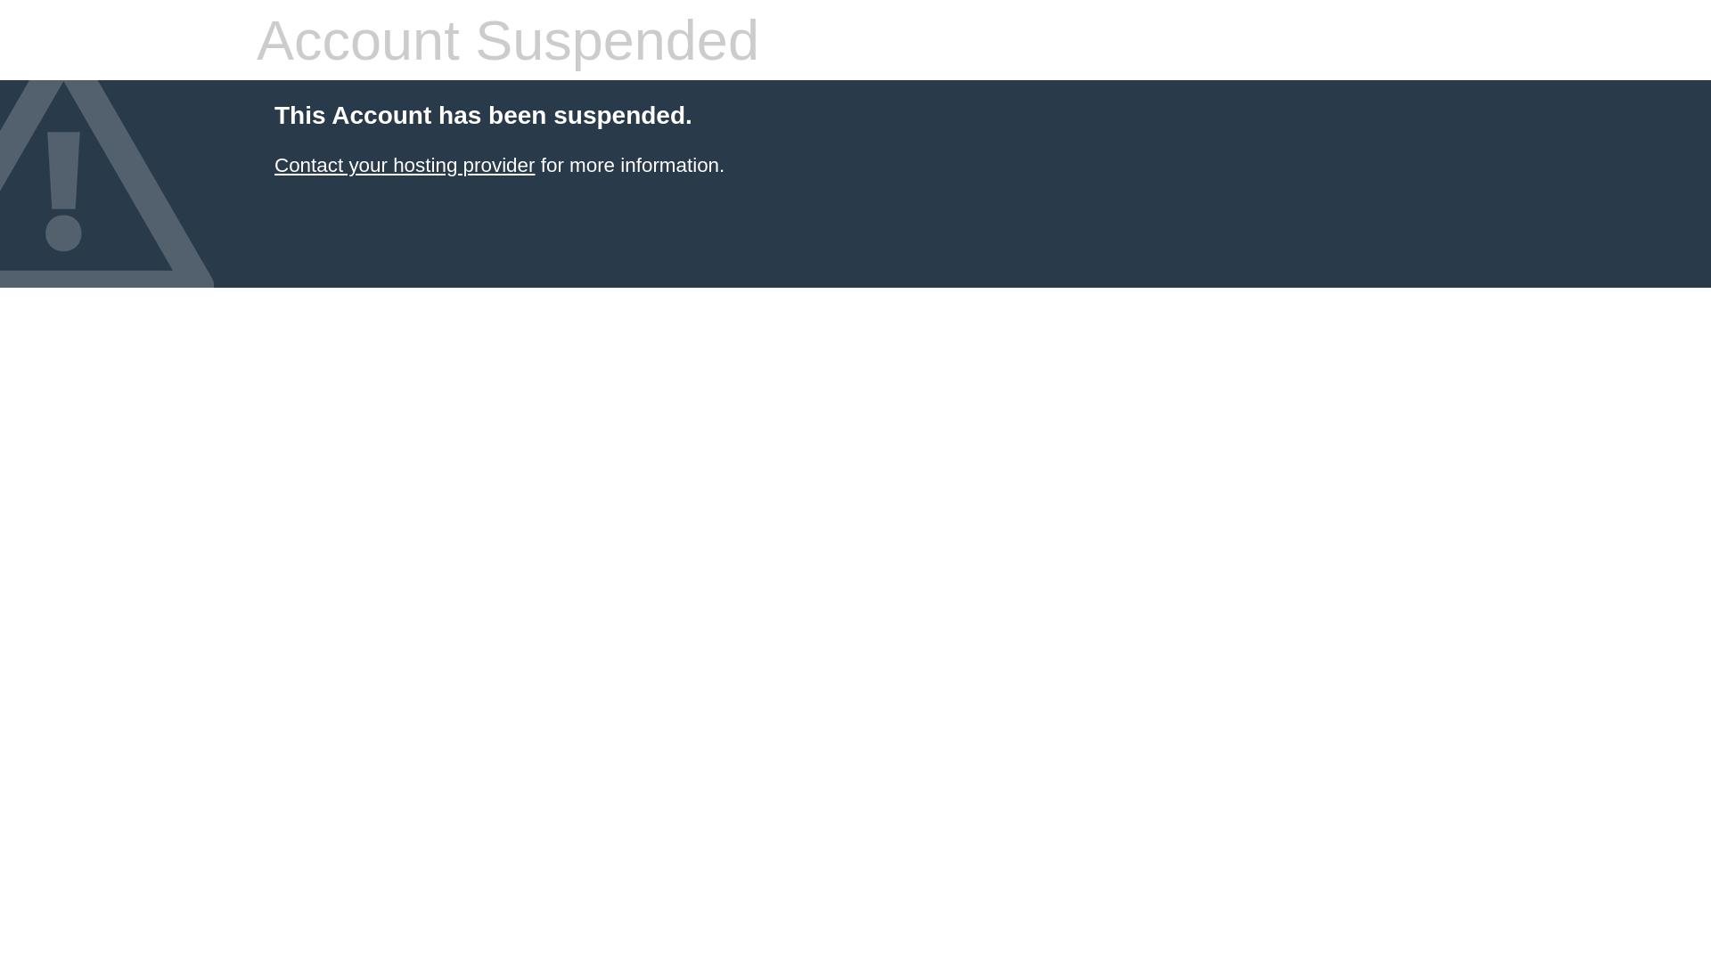 The image size is (1711, 962). Describe the element at coordinates (404, 165) in the screenshot. I see `'Contact your hosting provider'` at that location.